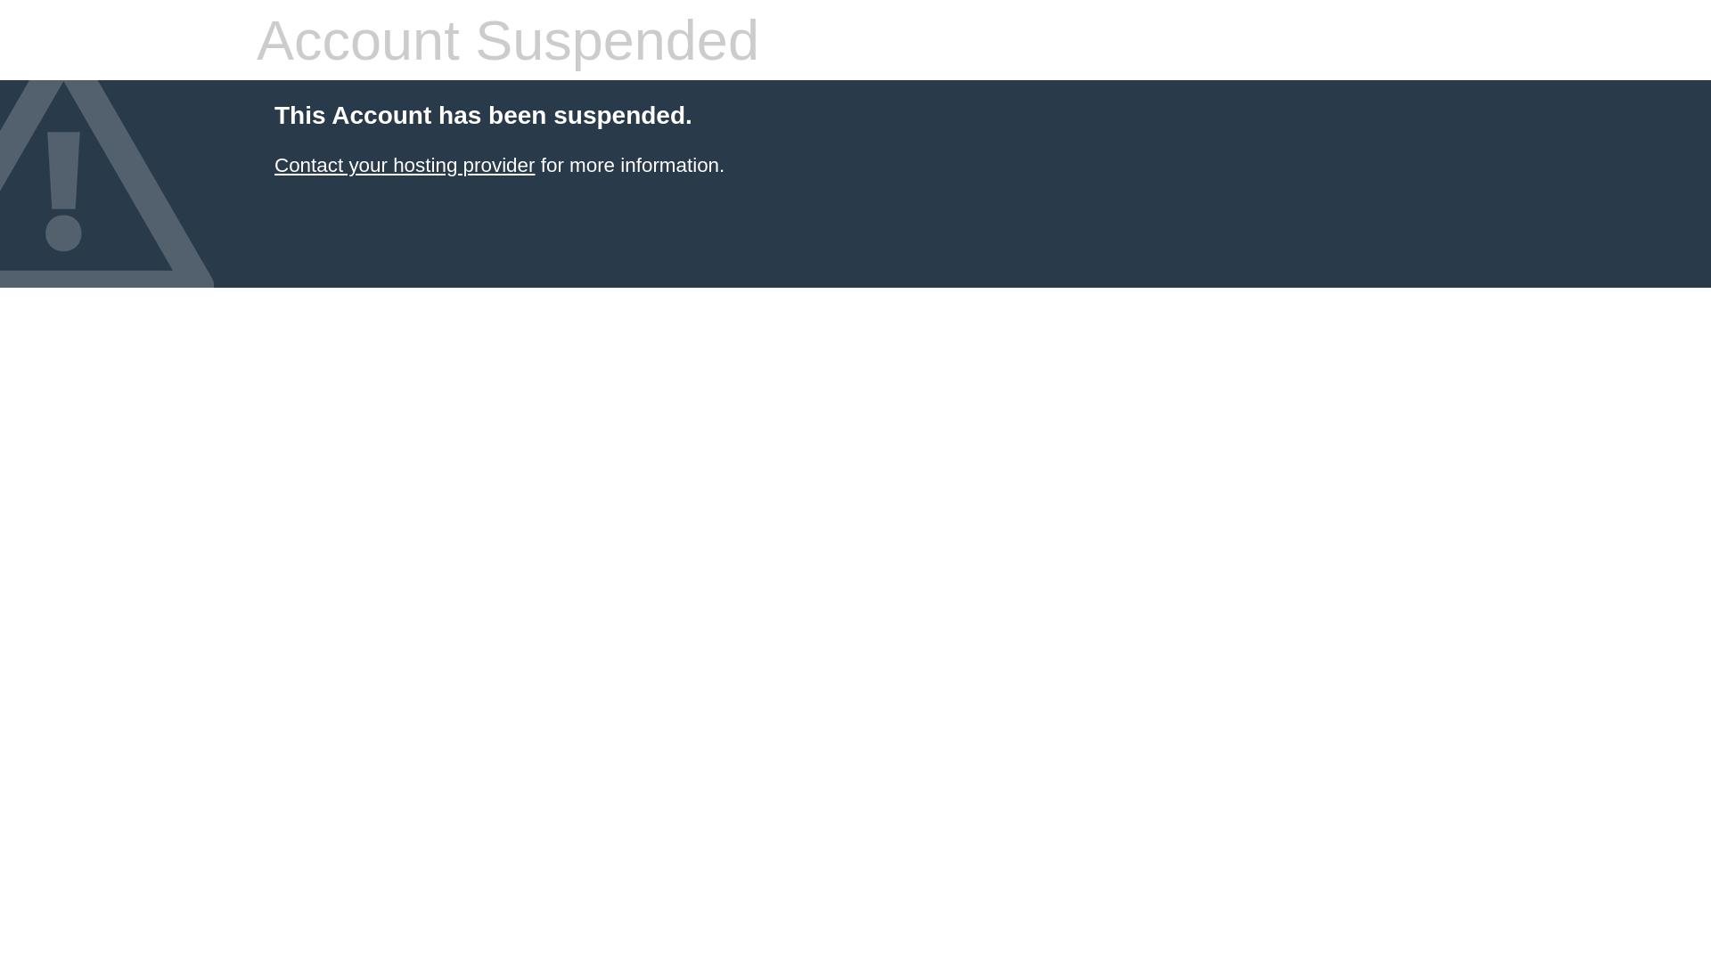 The image size is (1711, 962). Describe the element at coordinates (404, 165) in the screenshot. I see `'Contact your hosting provider'` at that location.